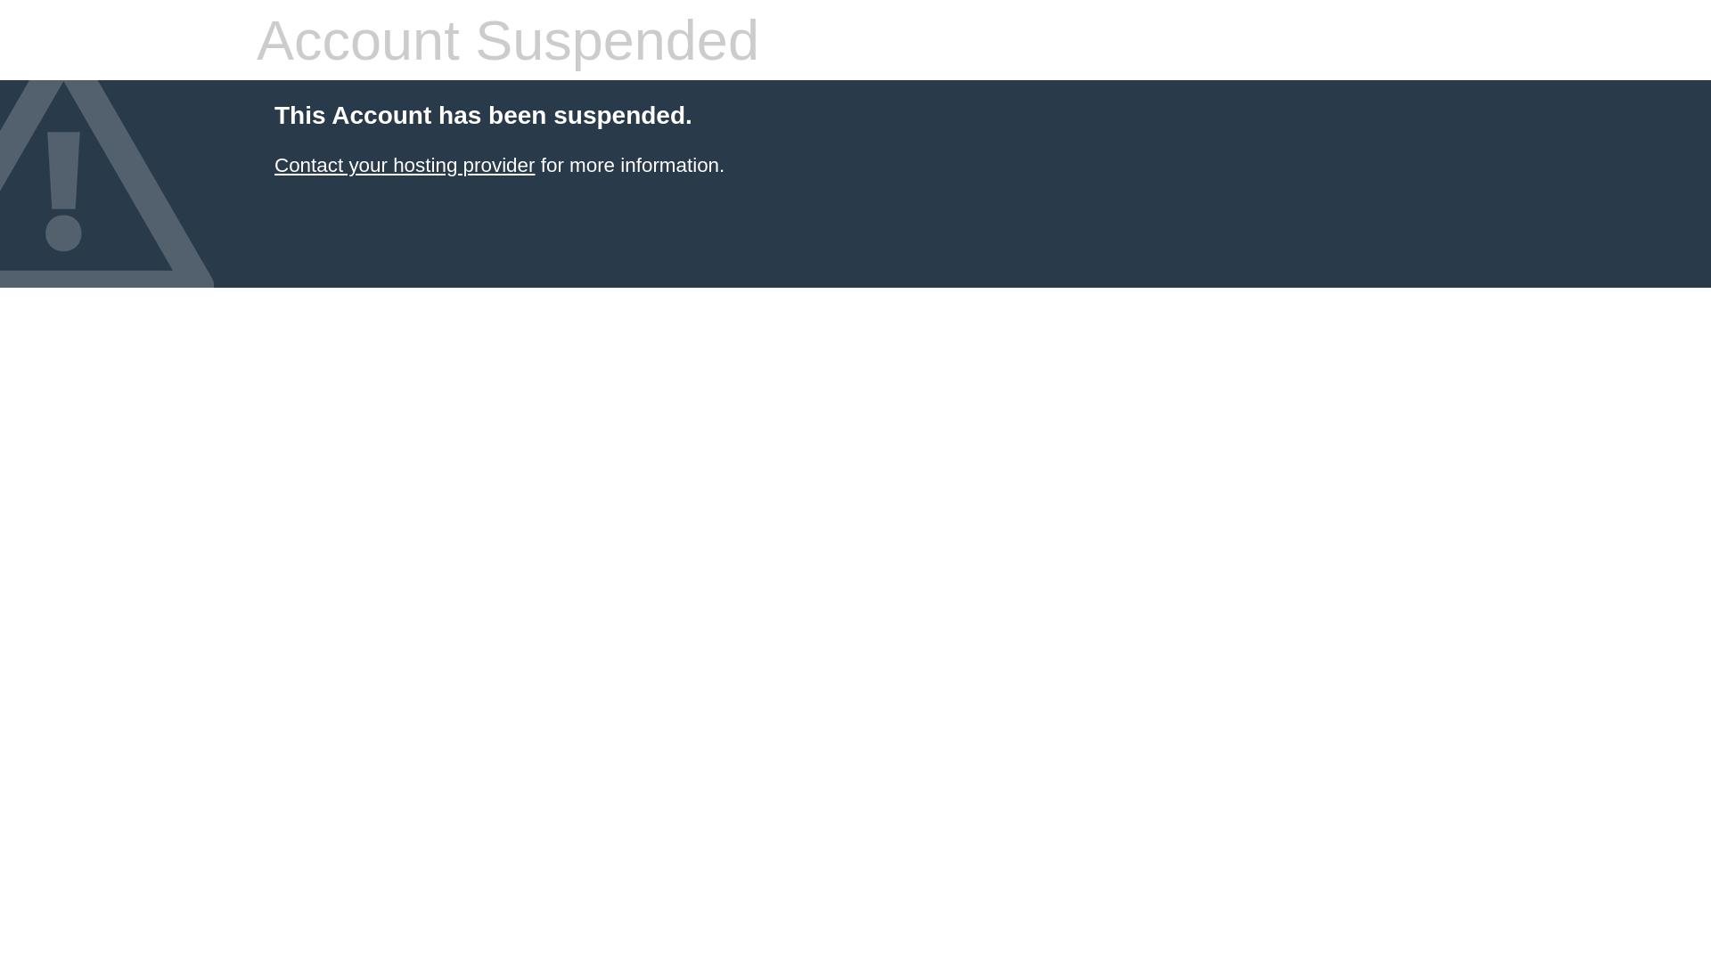 The image size is (1711, 962). Describe the element at coordinates (404, 165) in the screenshot. I see `'Contact your hosting provider'` at that location.